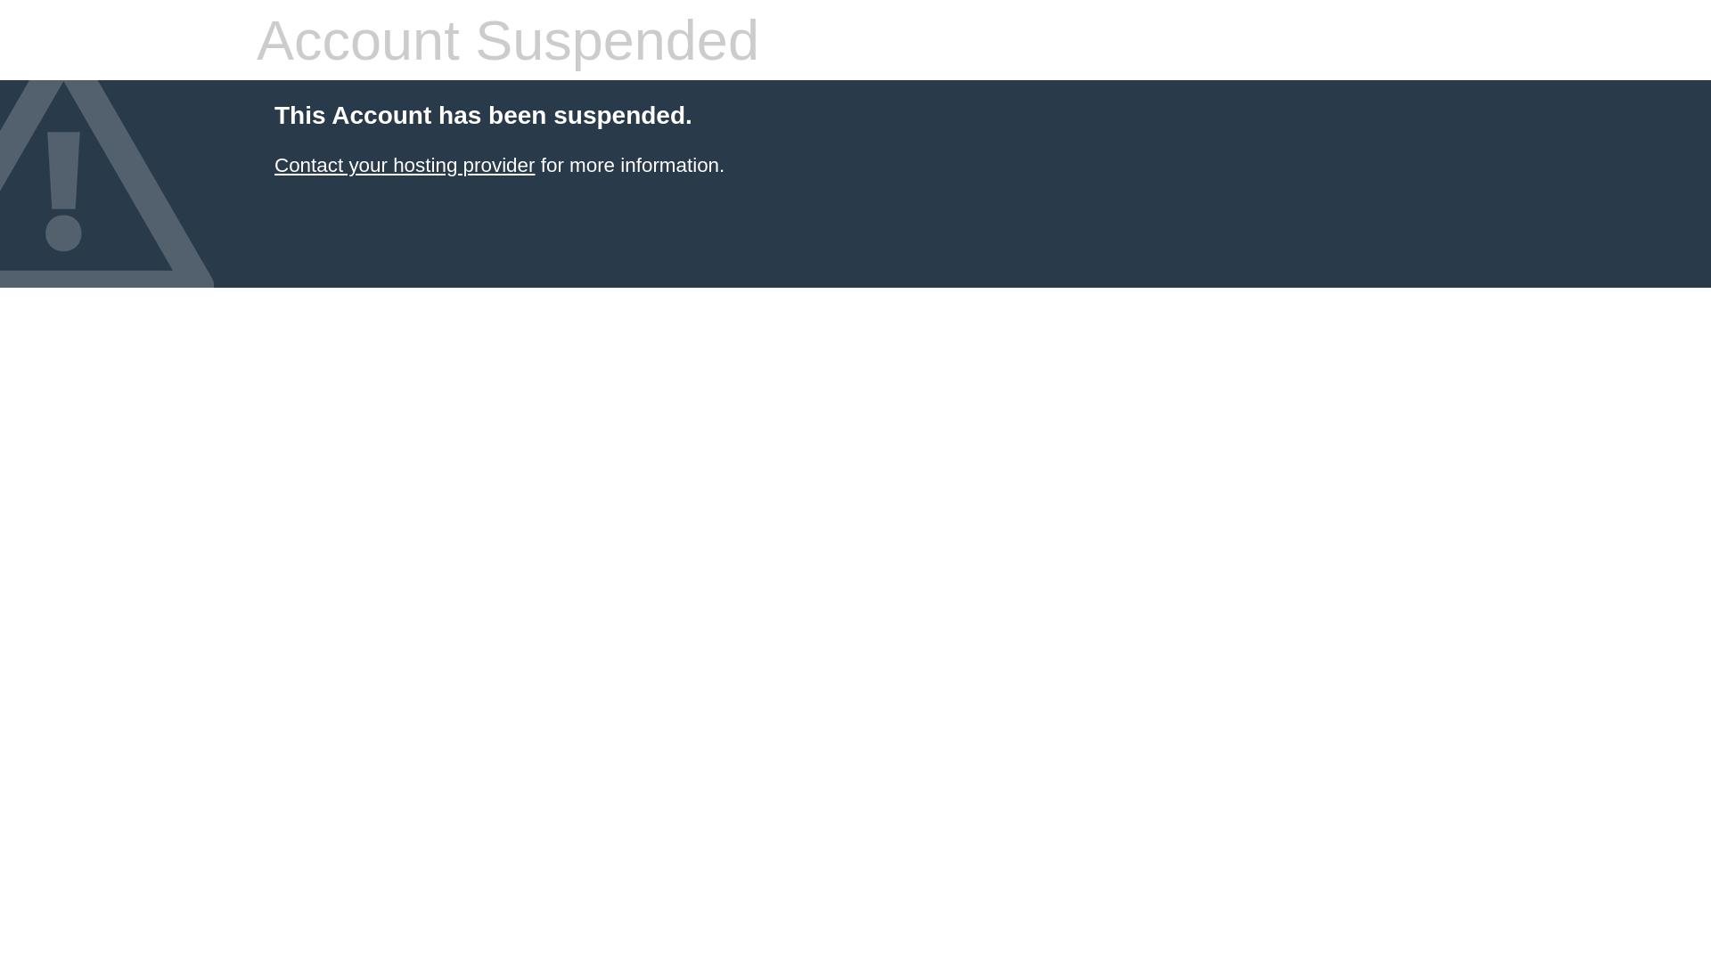 The image size is (1711, 962). Describe the element at coordinates (404, 165) in the screenshot. I see `'Contact your hosting provider'` at that location.